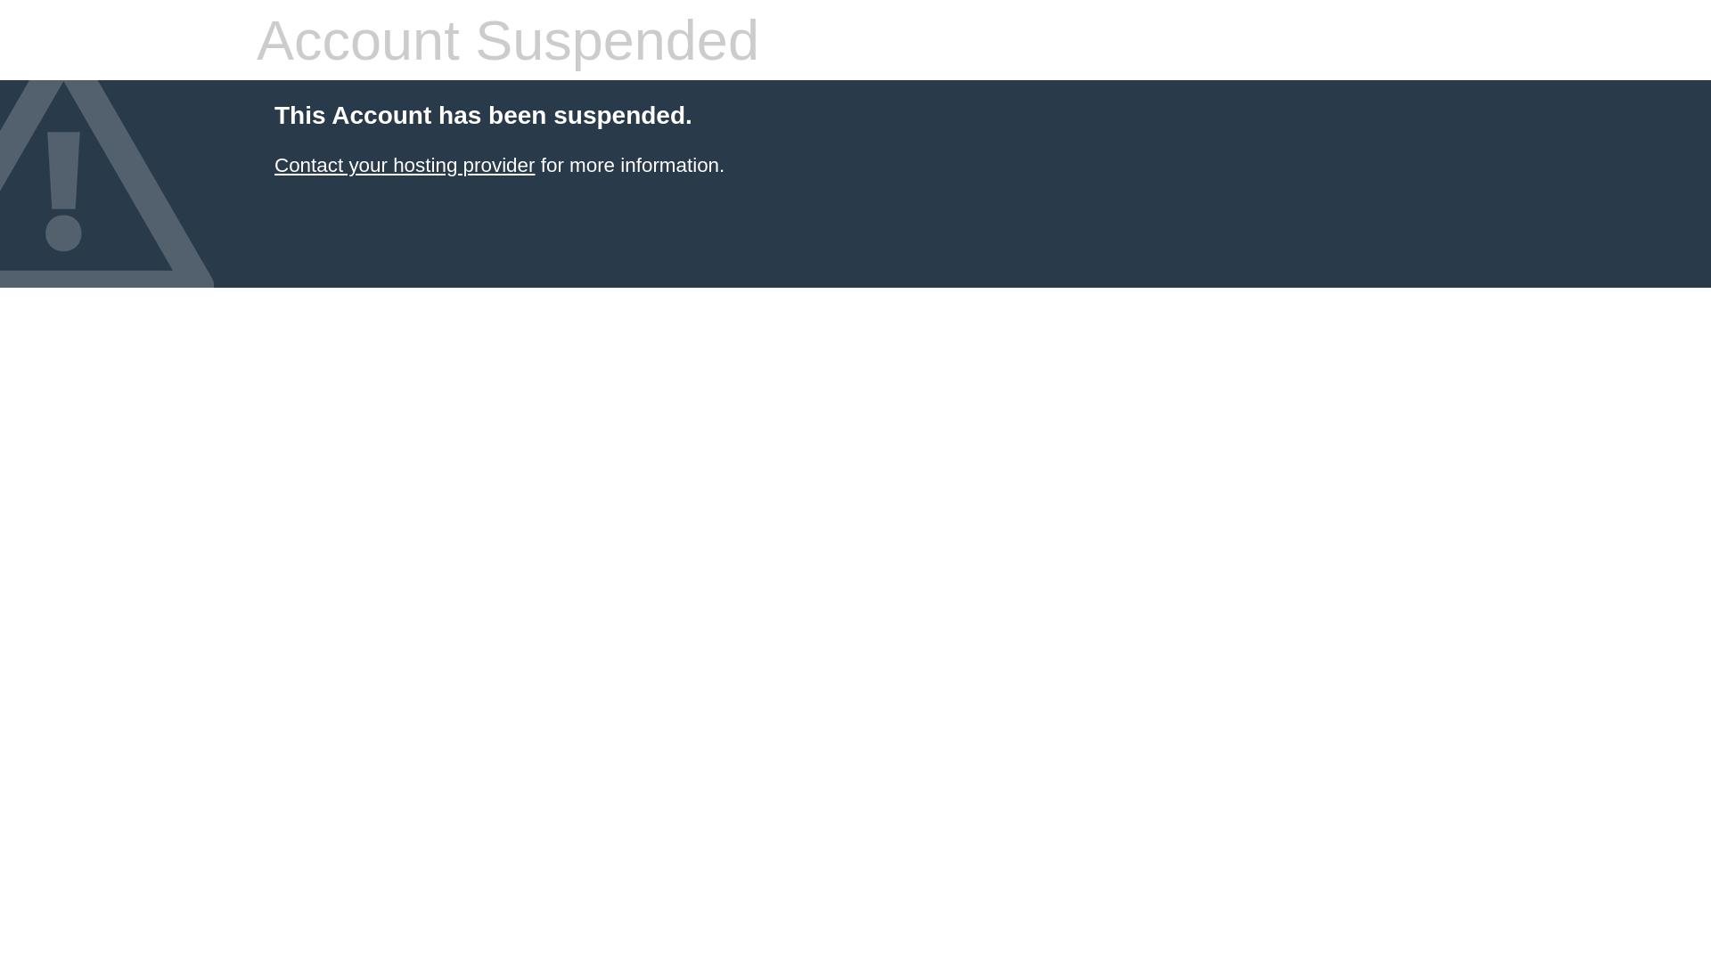 The image size is (1711, 962). Describe the element at coordinates (404, 165) in the screenshot. I see `'Contact your hosting provider'` at that location.